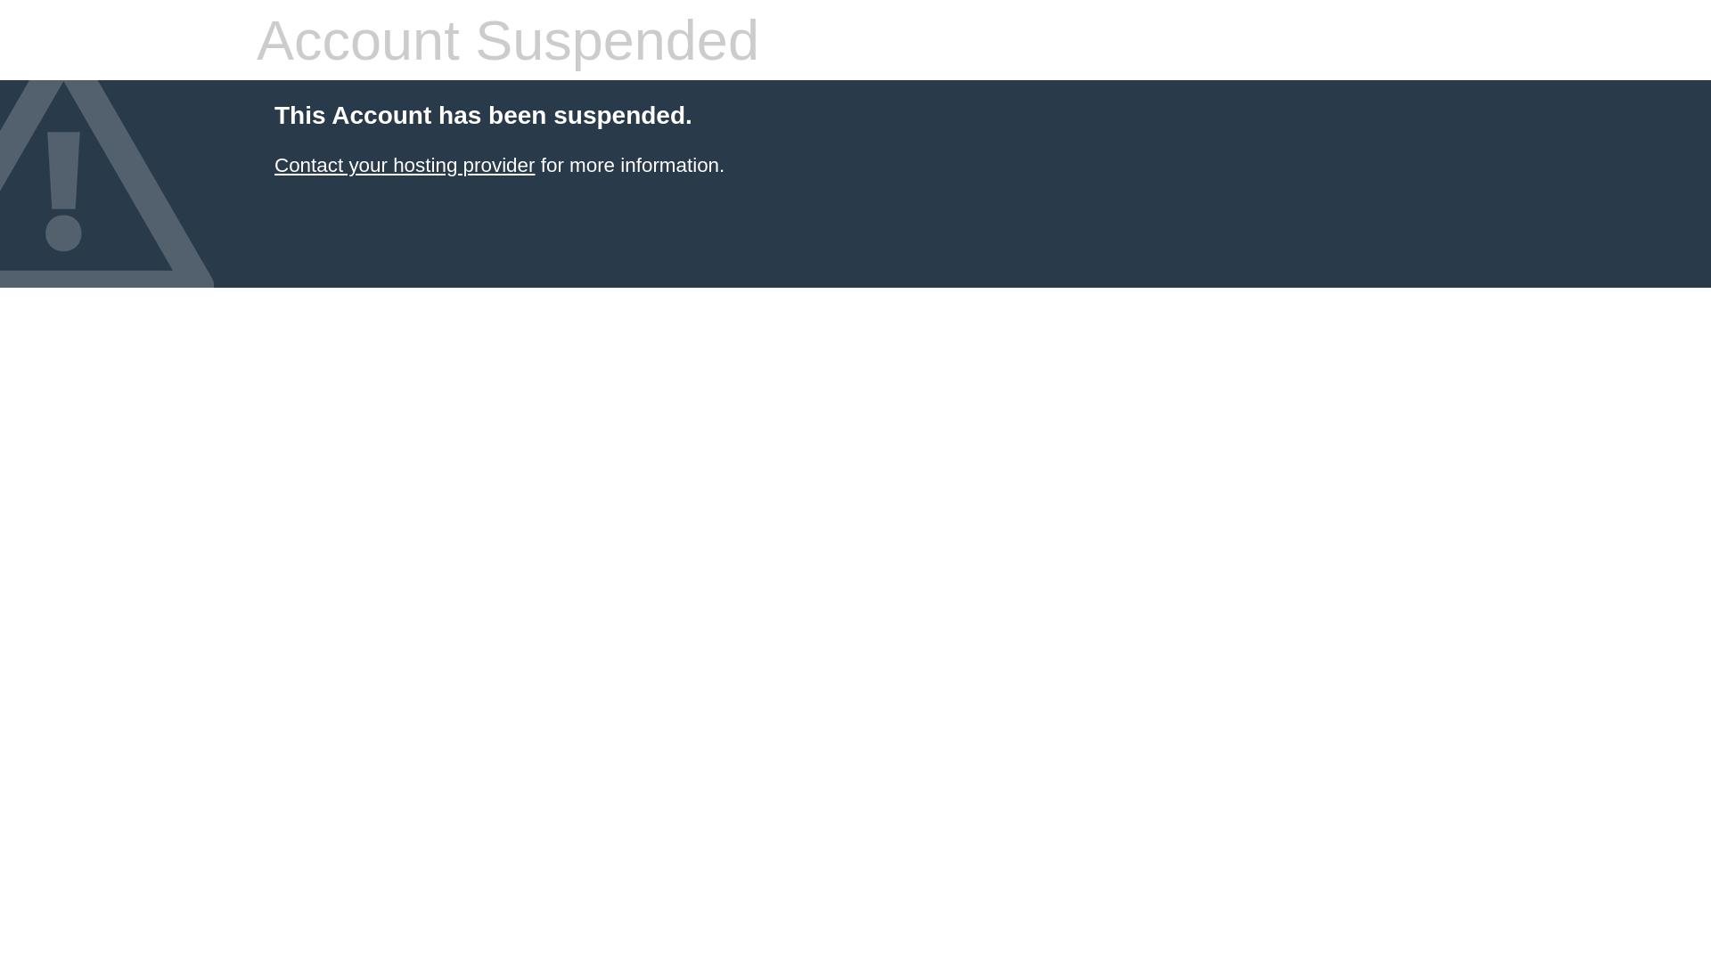 The image size is (1711, 962). Describe the element at coordinates (404, 165) in the screenshot. I see `'Contact your hosting provider'` at that location.